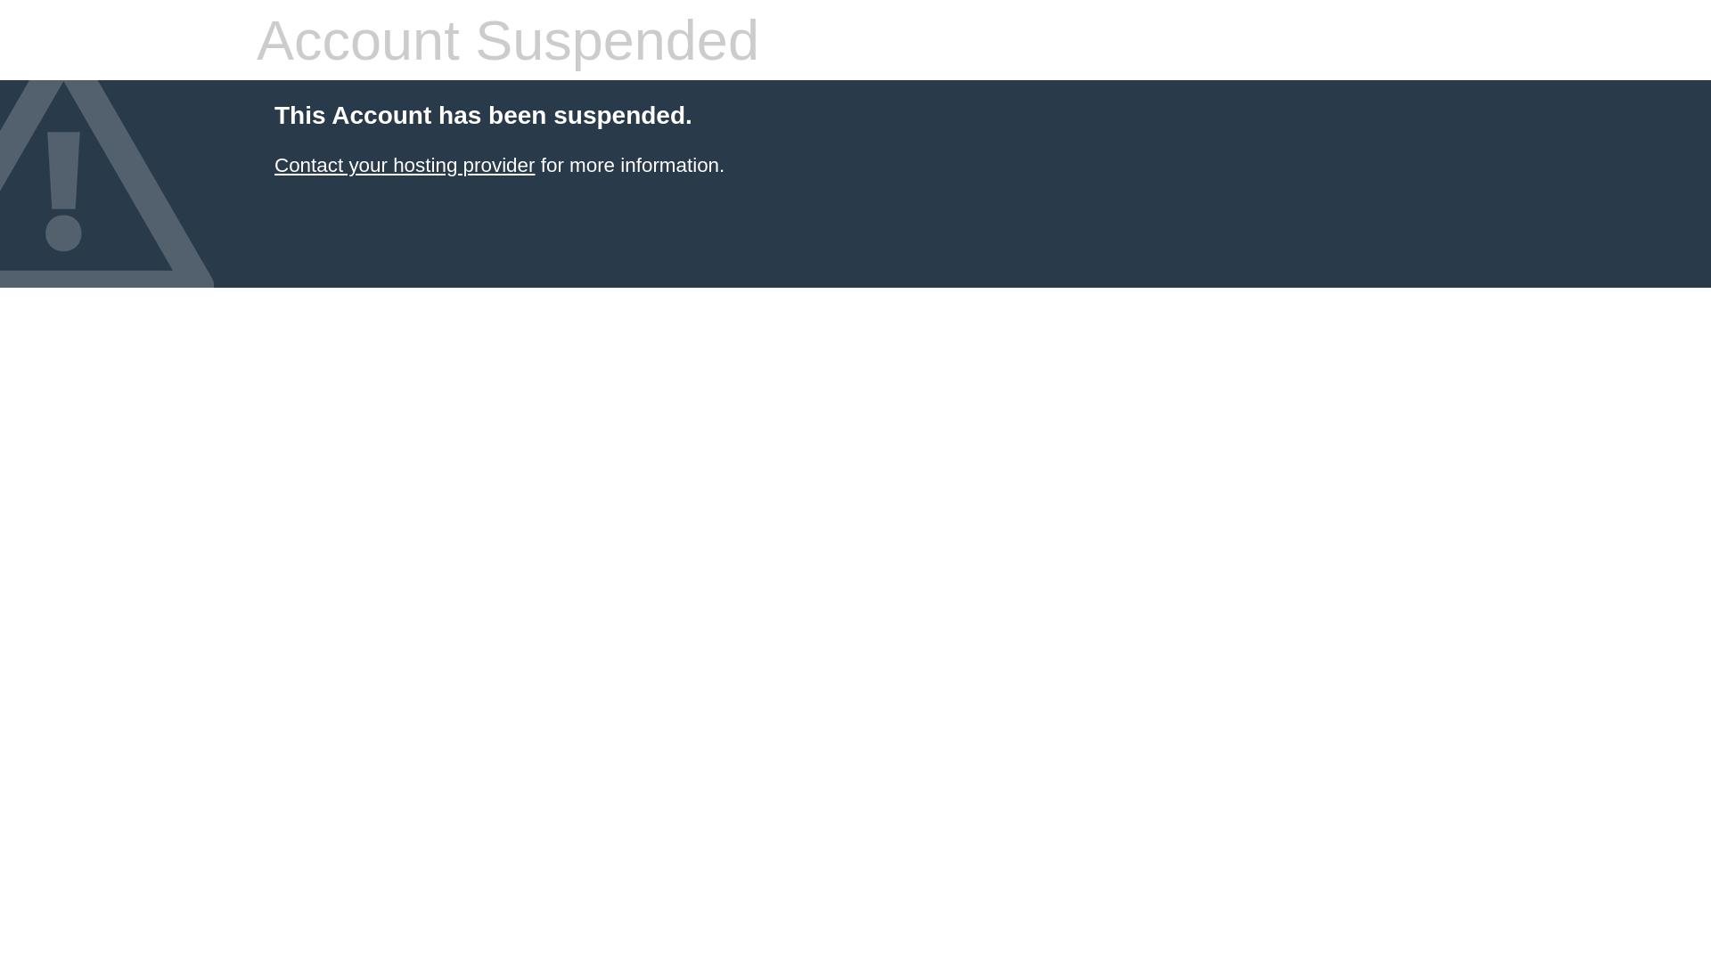 The image size is (1711, 962). Describe the element at coordinates (404, 165) in the screenshot. I see `'Contact your hosting provider'` at that location.